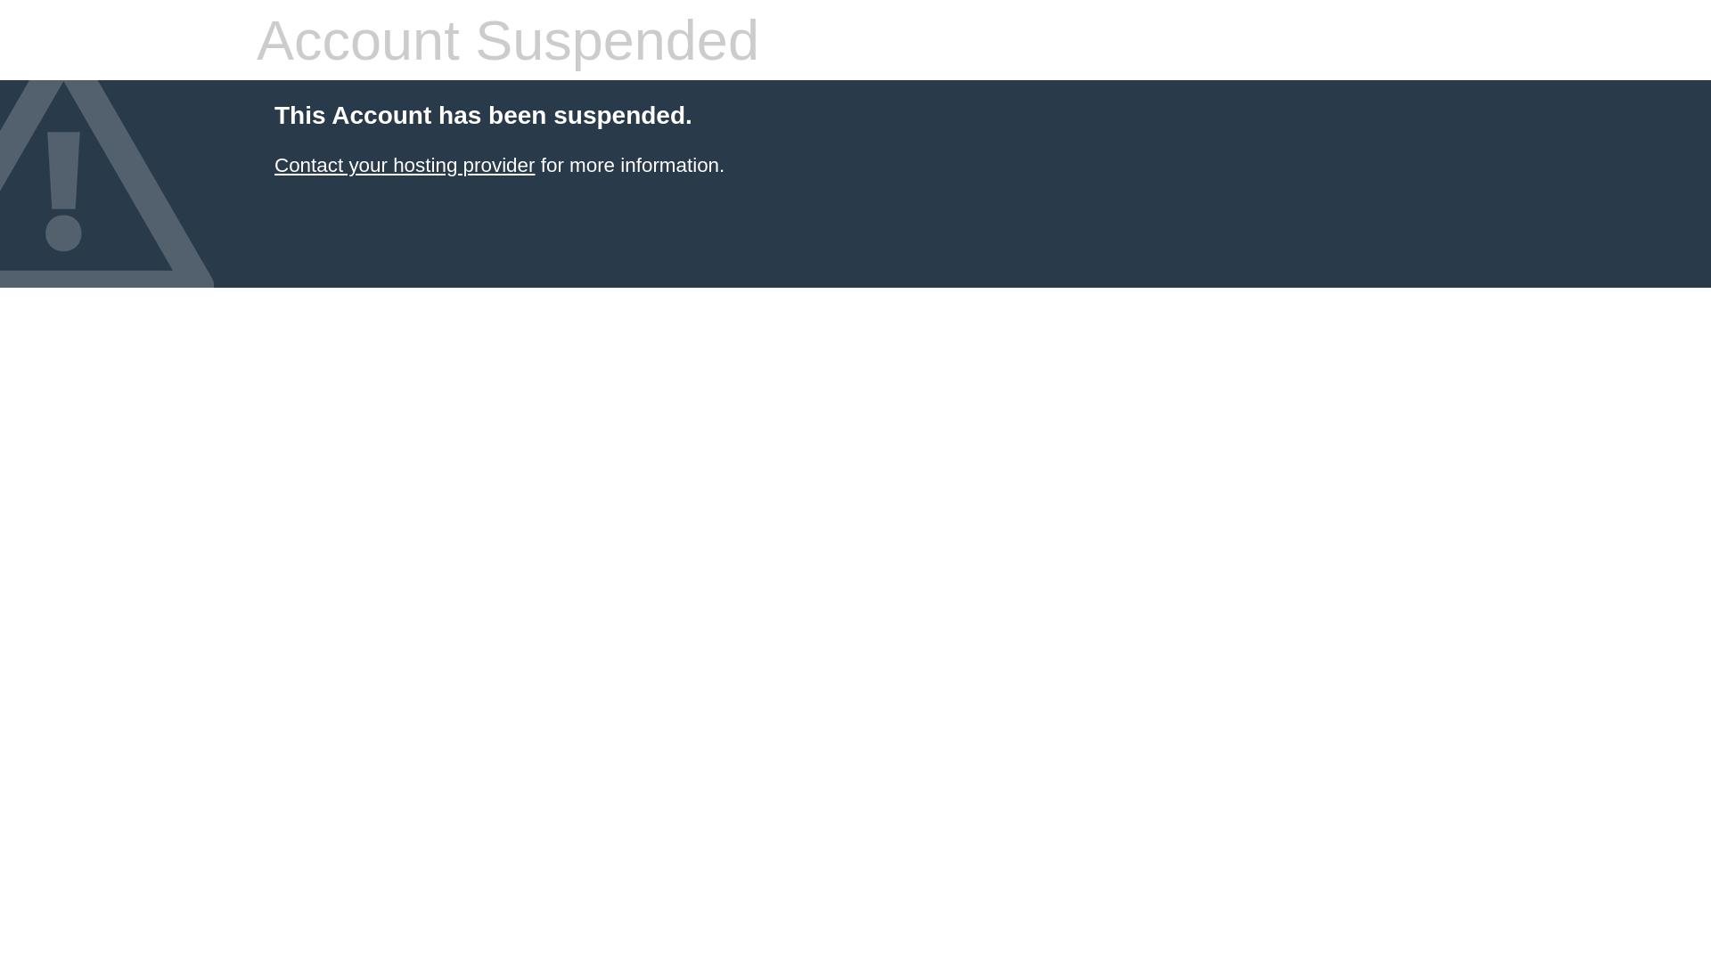 The image size is (1711, 962). Describe the element at coordinates (404, 165) in the screenshot. I see `'Contact your hosting provider'` at that location.